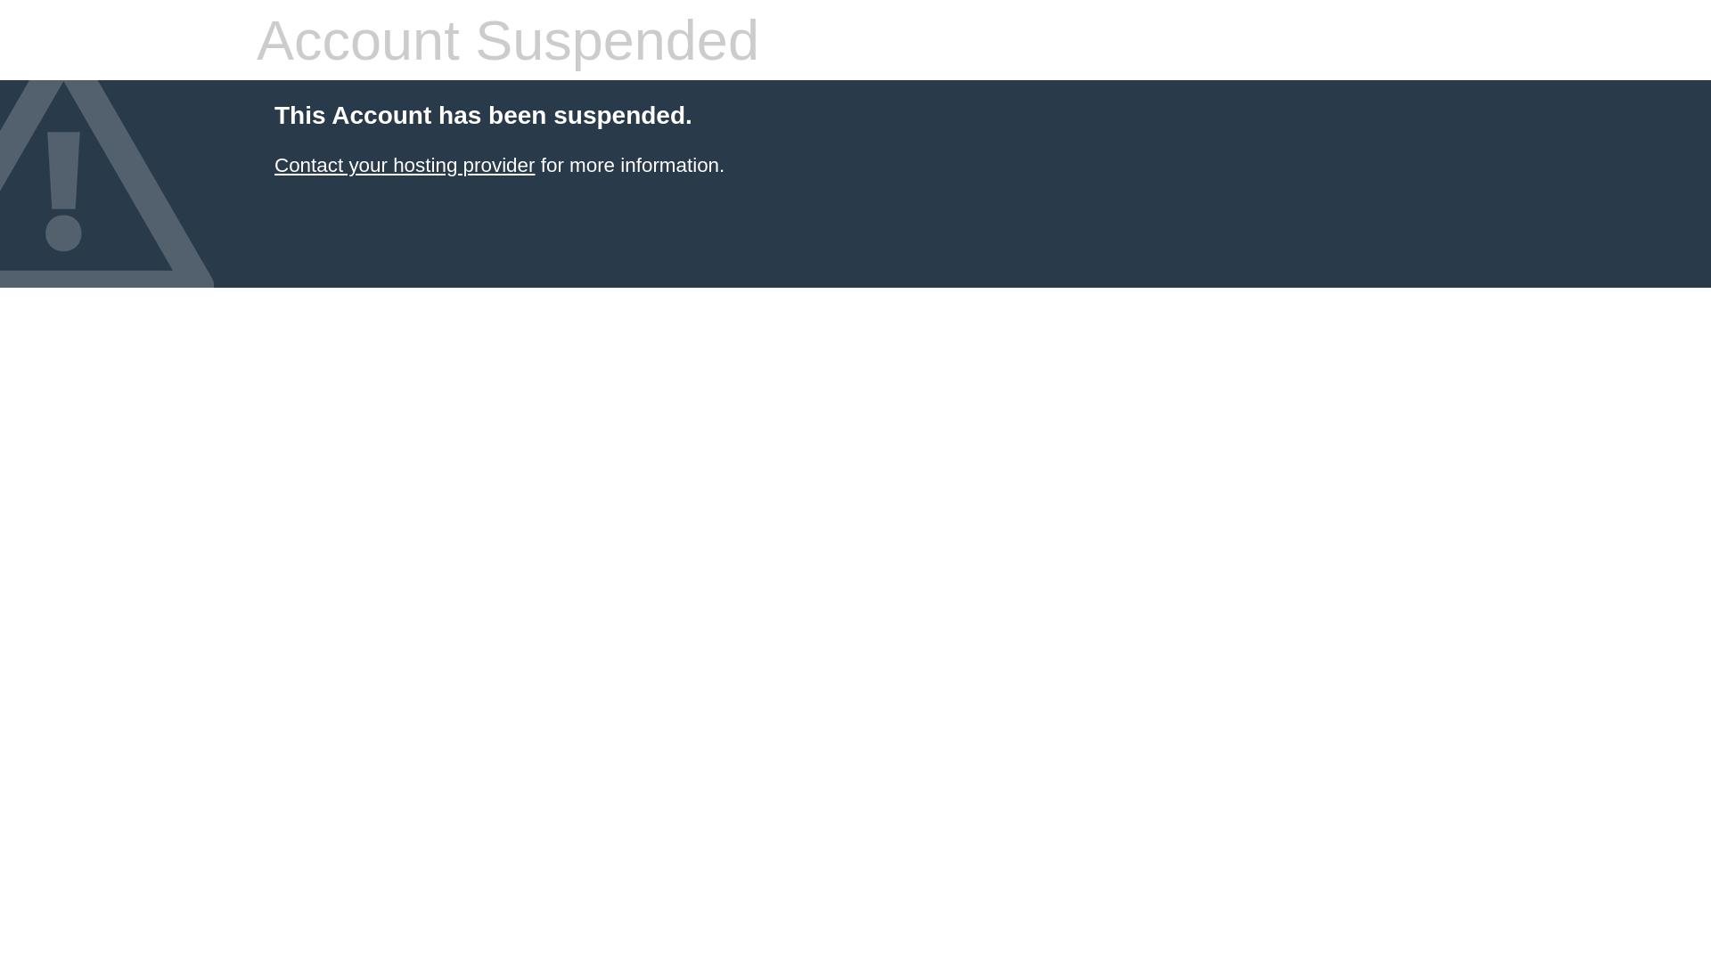 The image size is (1711, 962). Describe the element at coordinates (404, 165) in the screenshot. I see `'Contact your hosting provider'` at that location.